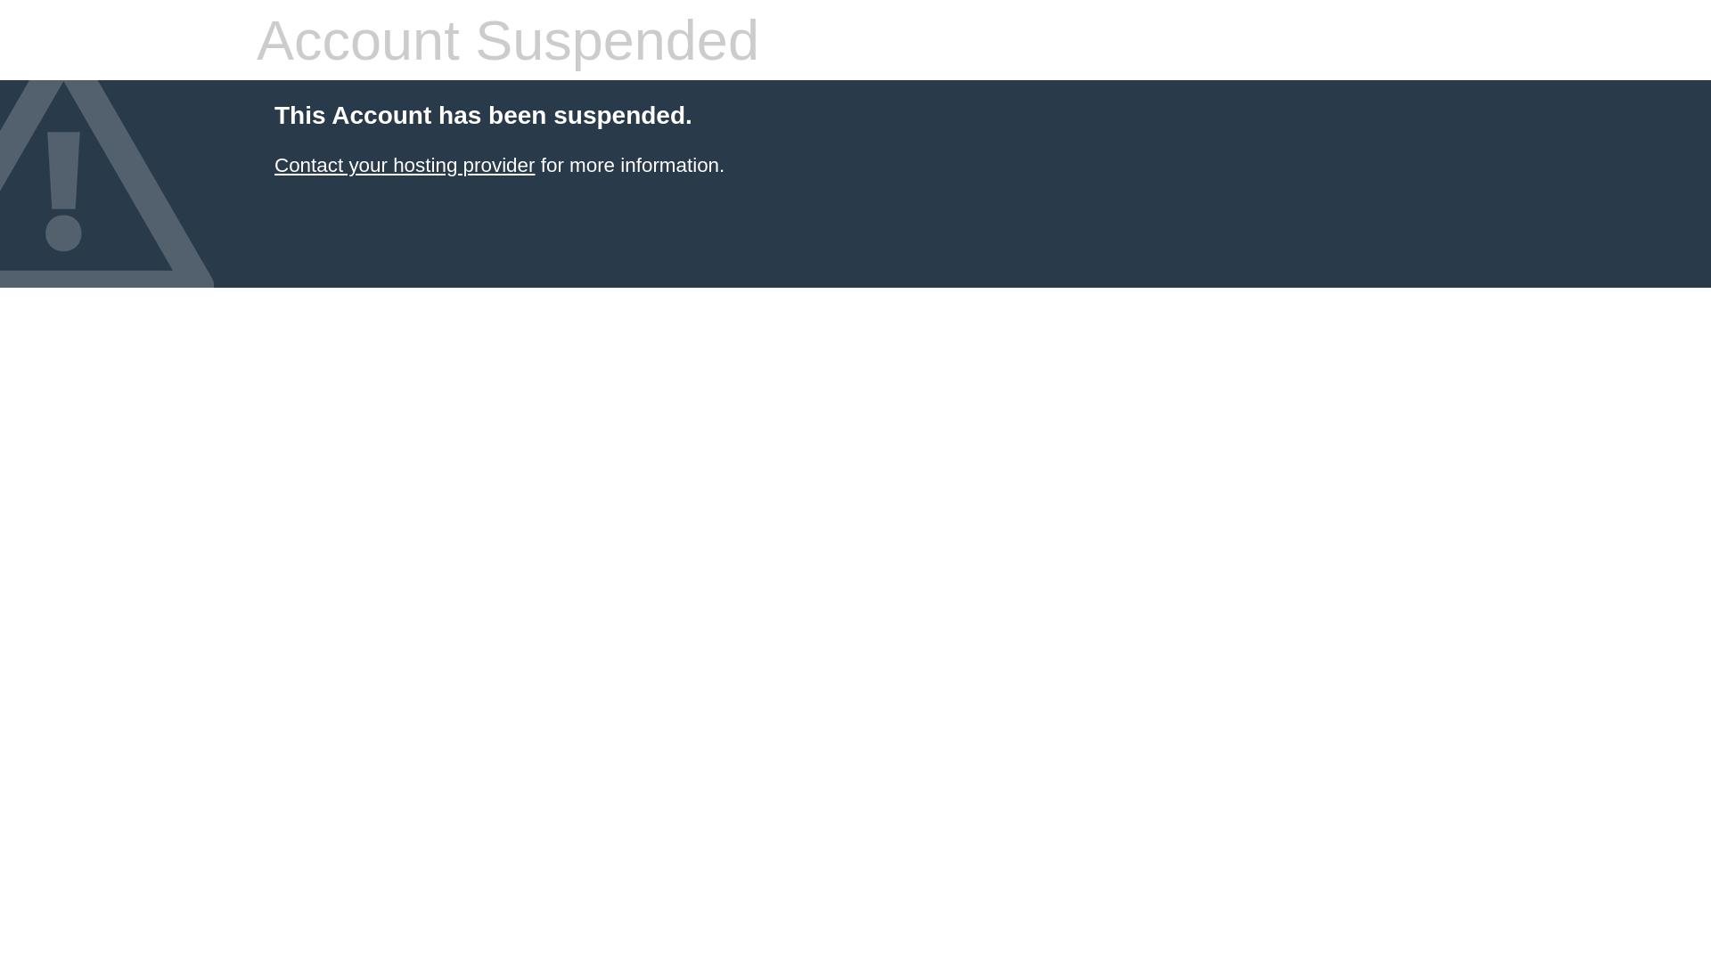 The image size is (1711, 962). Describe the element at coordinates (404, 165) in the screenshot. I see `'Contact your hosting provider'` at that location.